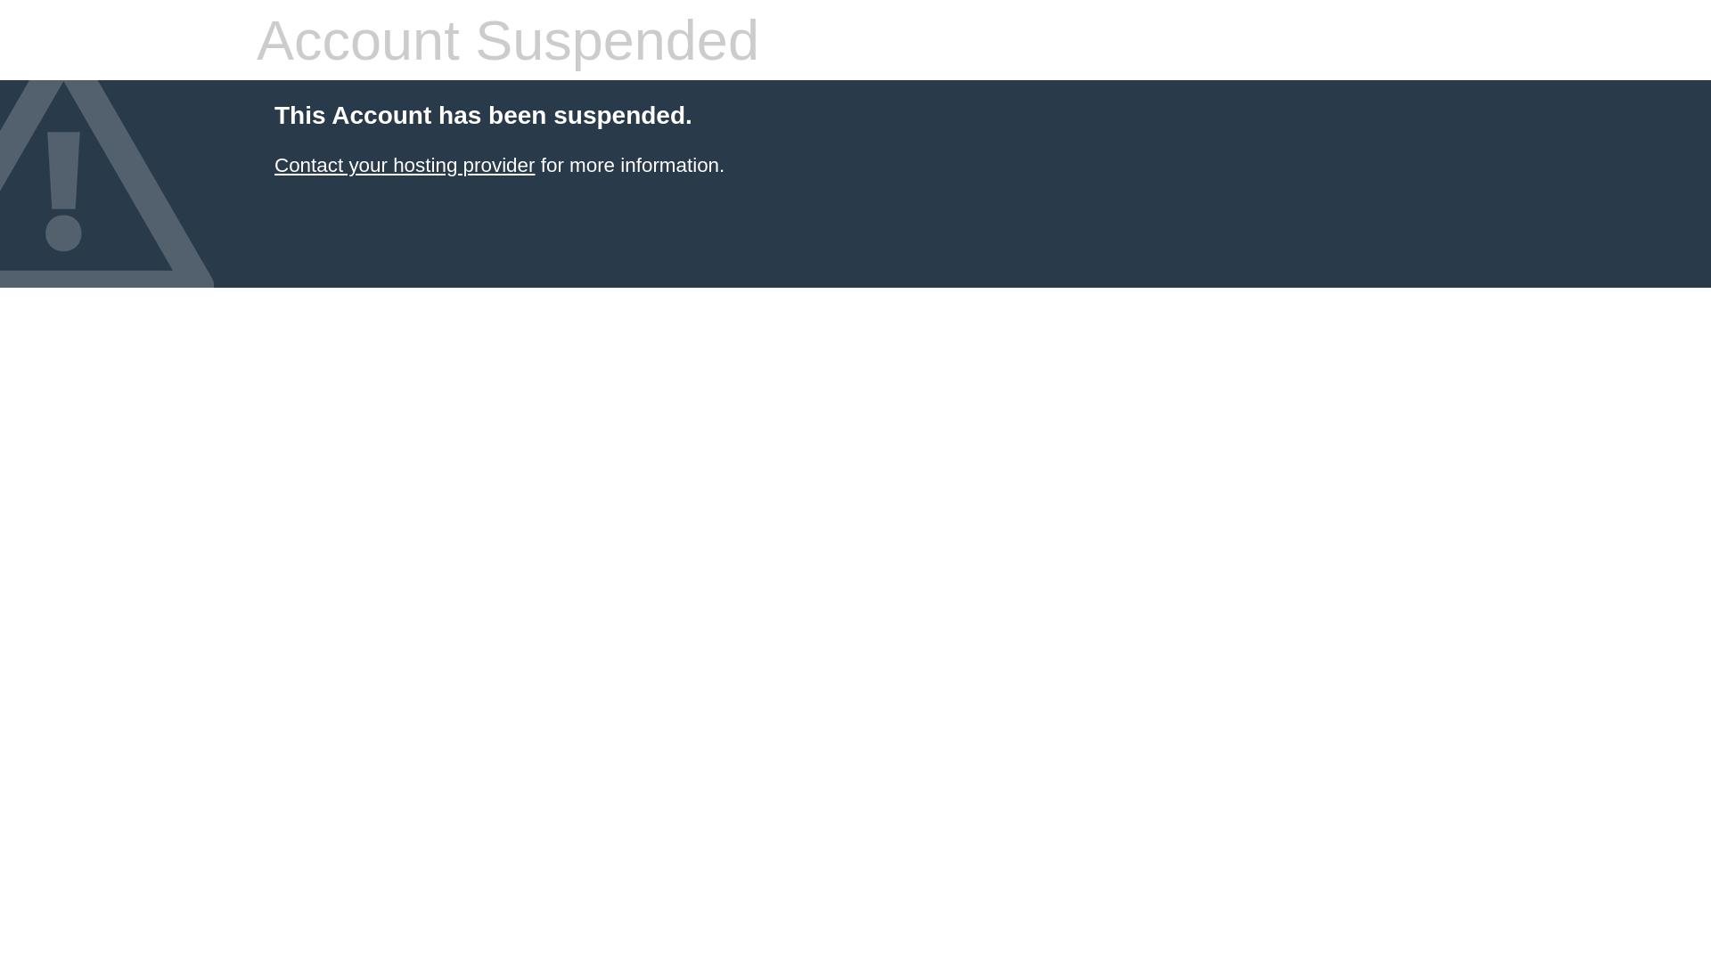 The image size is (1711, 962). Describe the element at coordinates (404, 165) in the screenshot. I see `'Contact your hosting provider'` at that location.